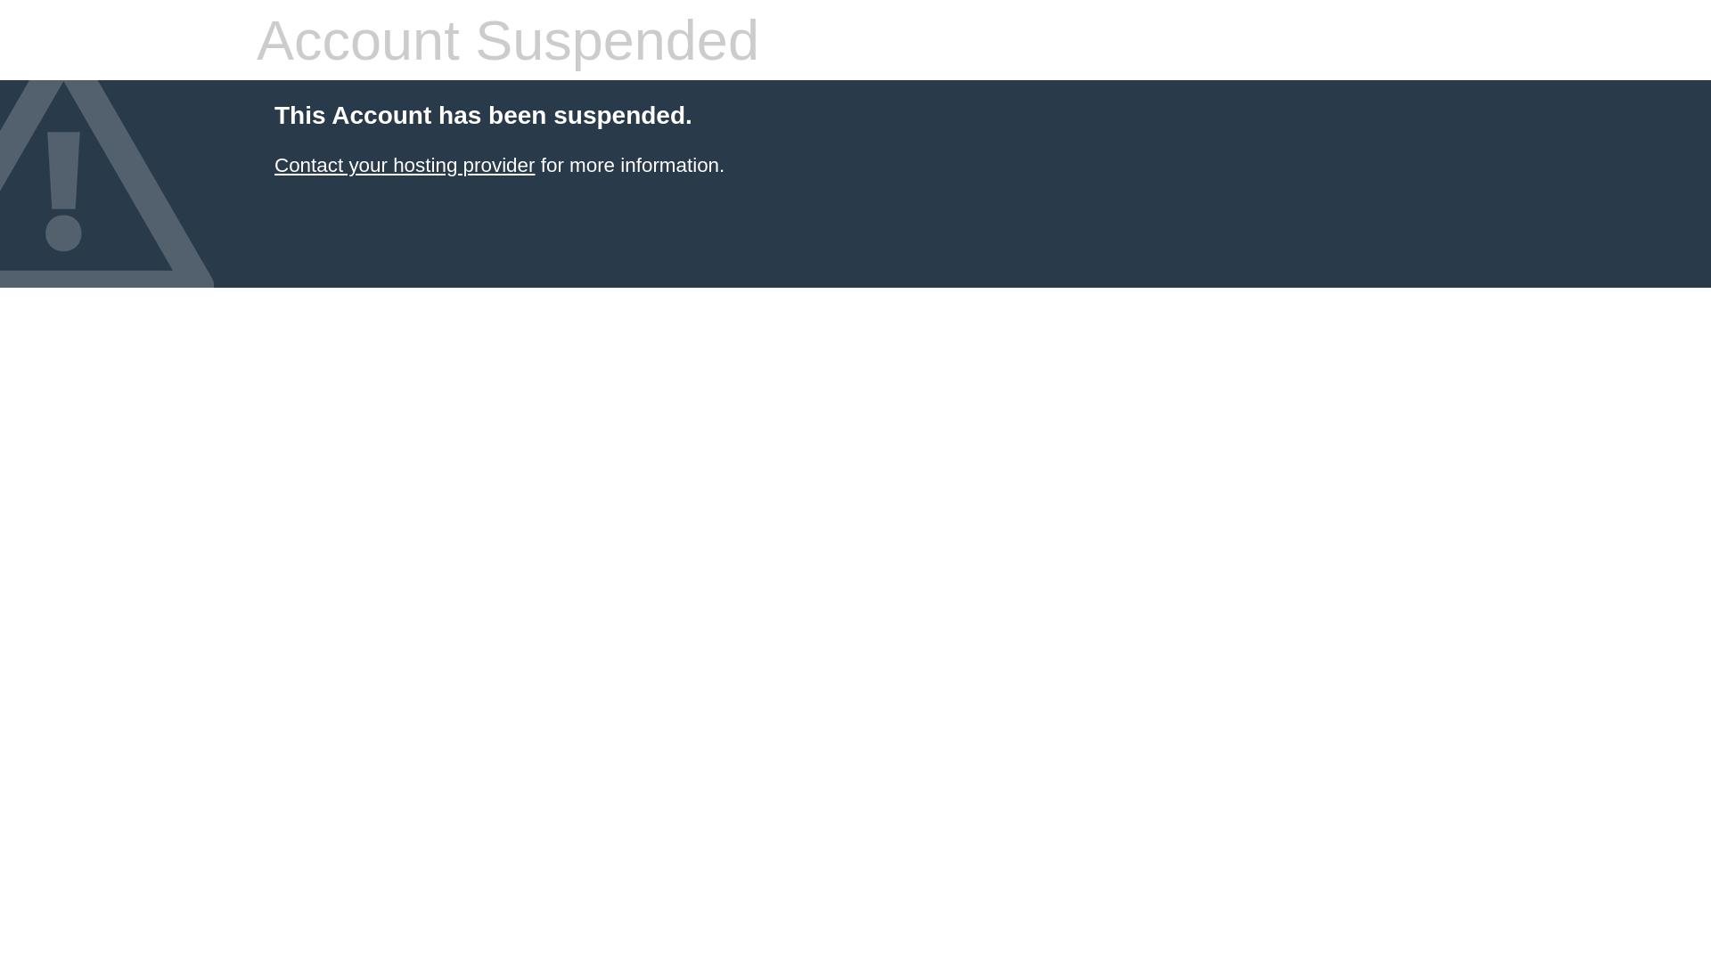 The image size is (1711, 962). Describe the element at coordinates (404, 165) in the screenshot. I see `'Contact your hosting provider'` at that location.